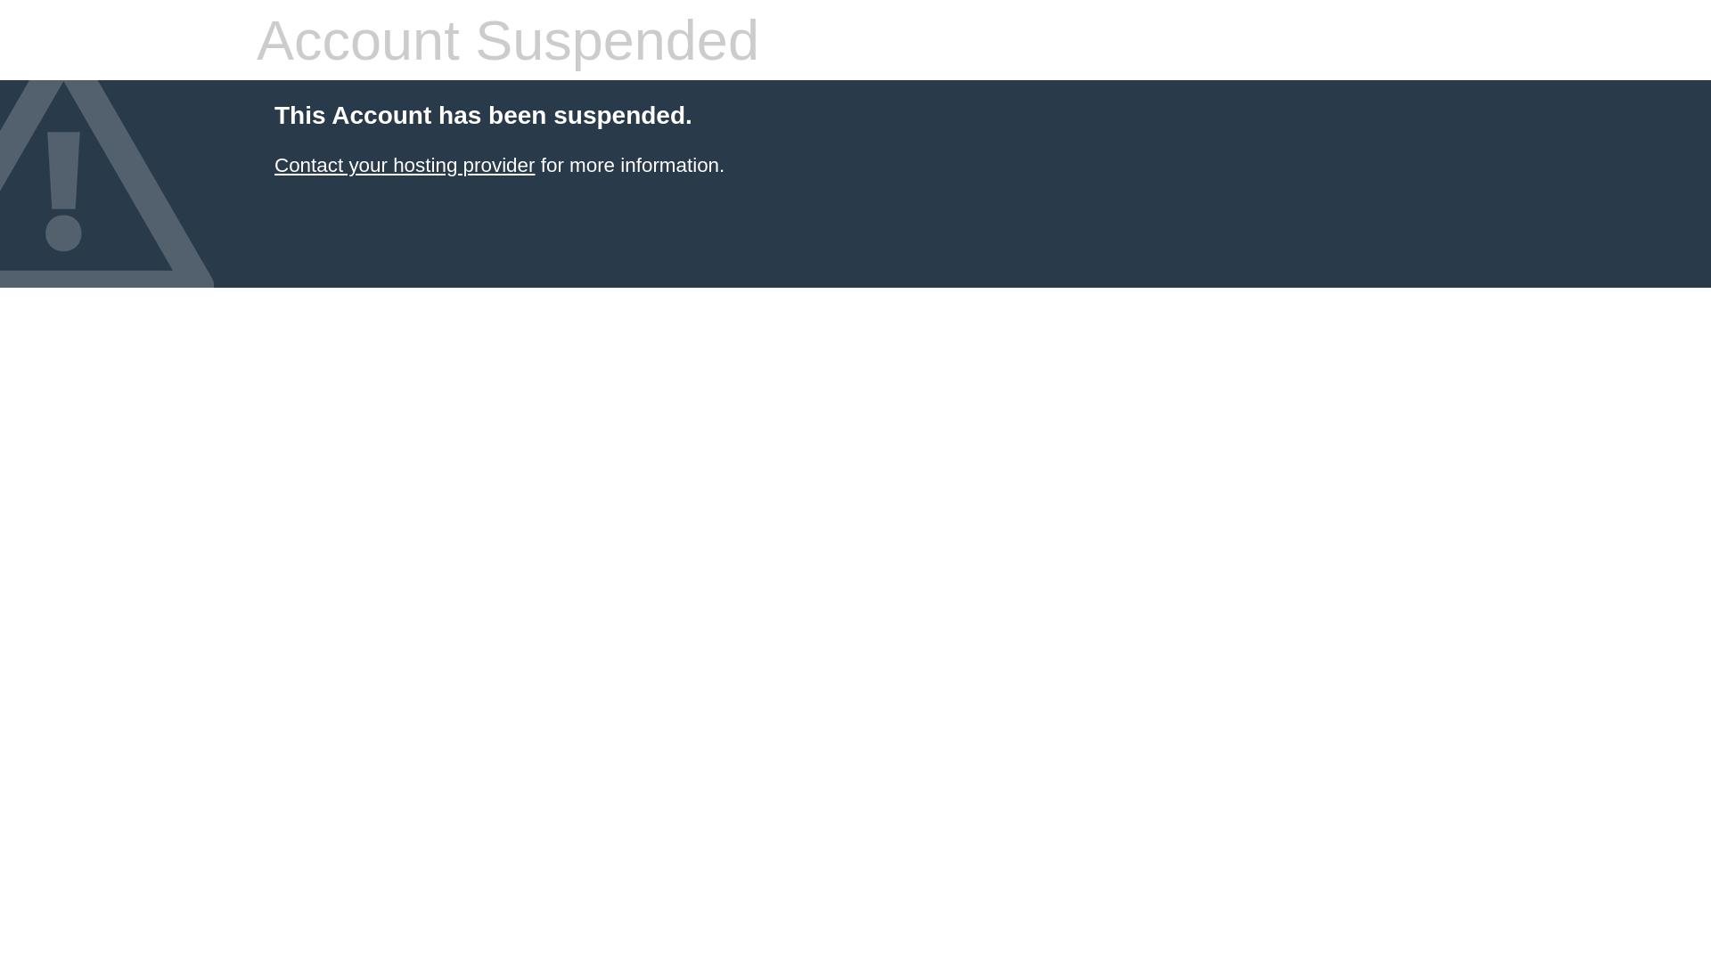 The image size is (1711, 962). Describe the element at coordinates (404, 165) in the screenshot. I see `'Contact your hosting provider'` at that location.